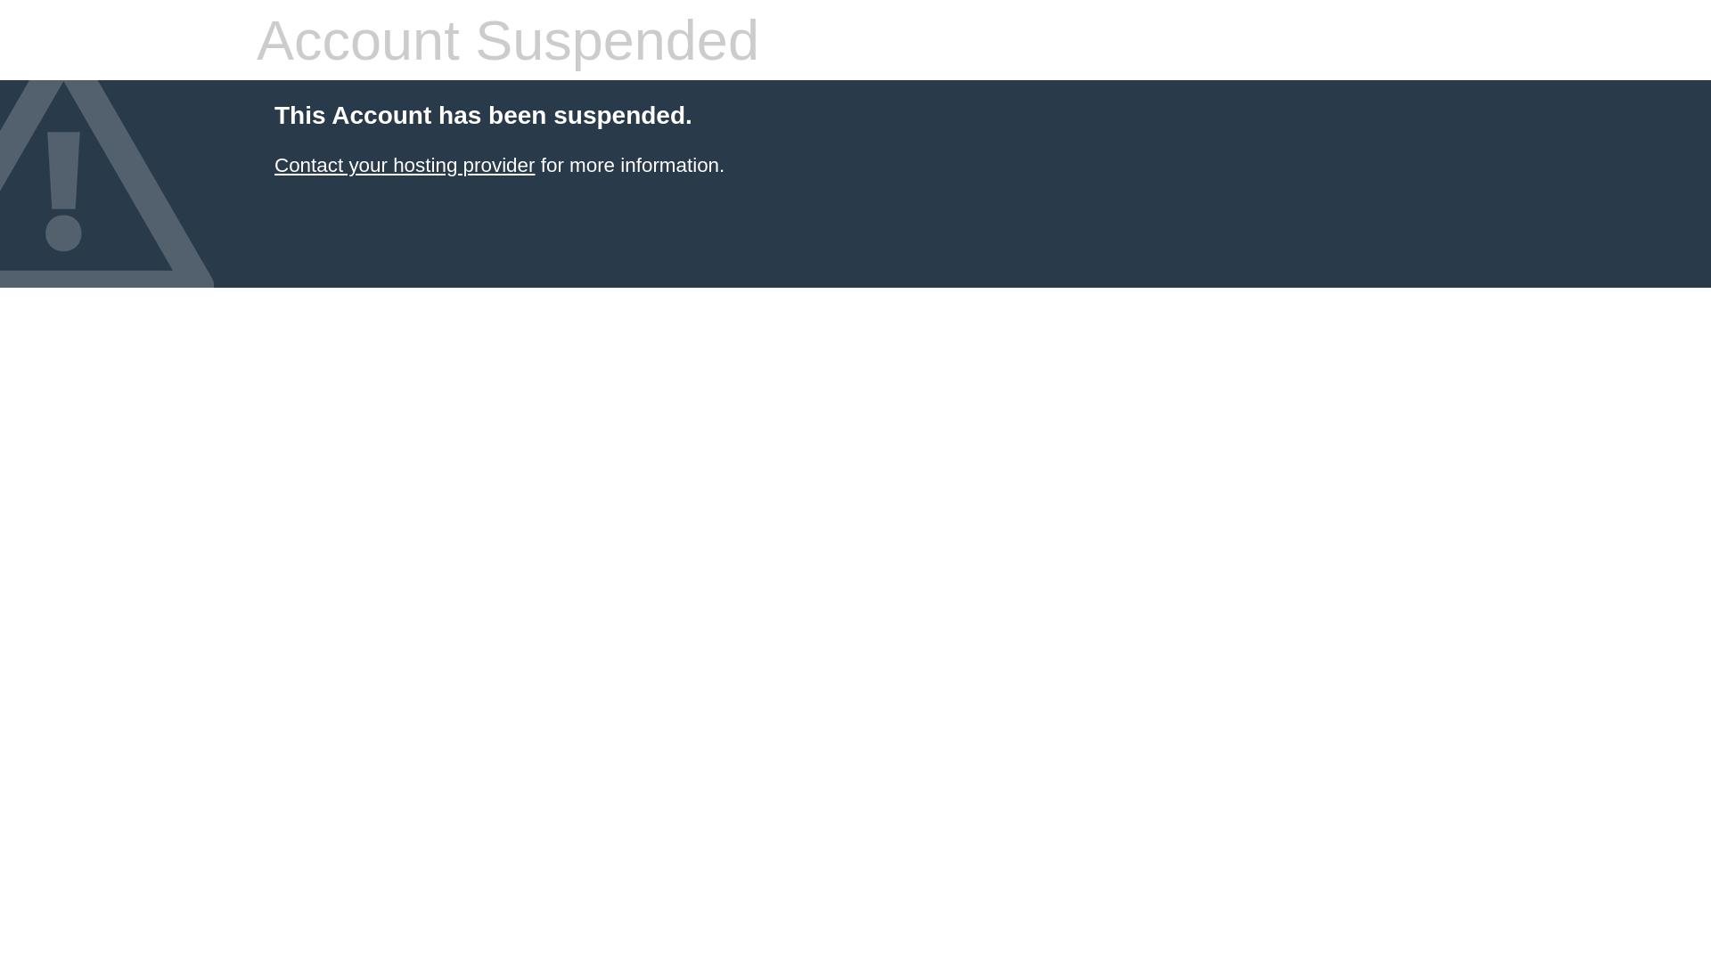 The image size is (1711, 962). Describe the element at coordinates (404, 165) in the screenshot. I see `'Contact your hosting provider'` at that location.